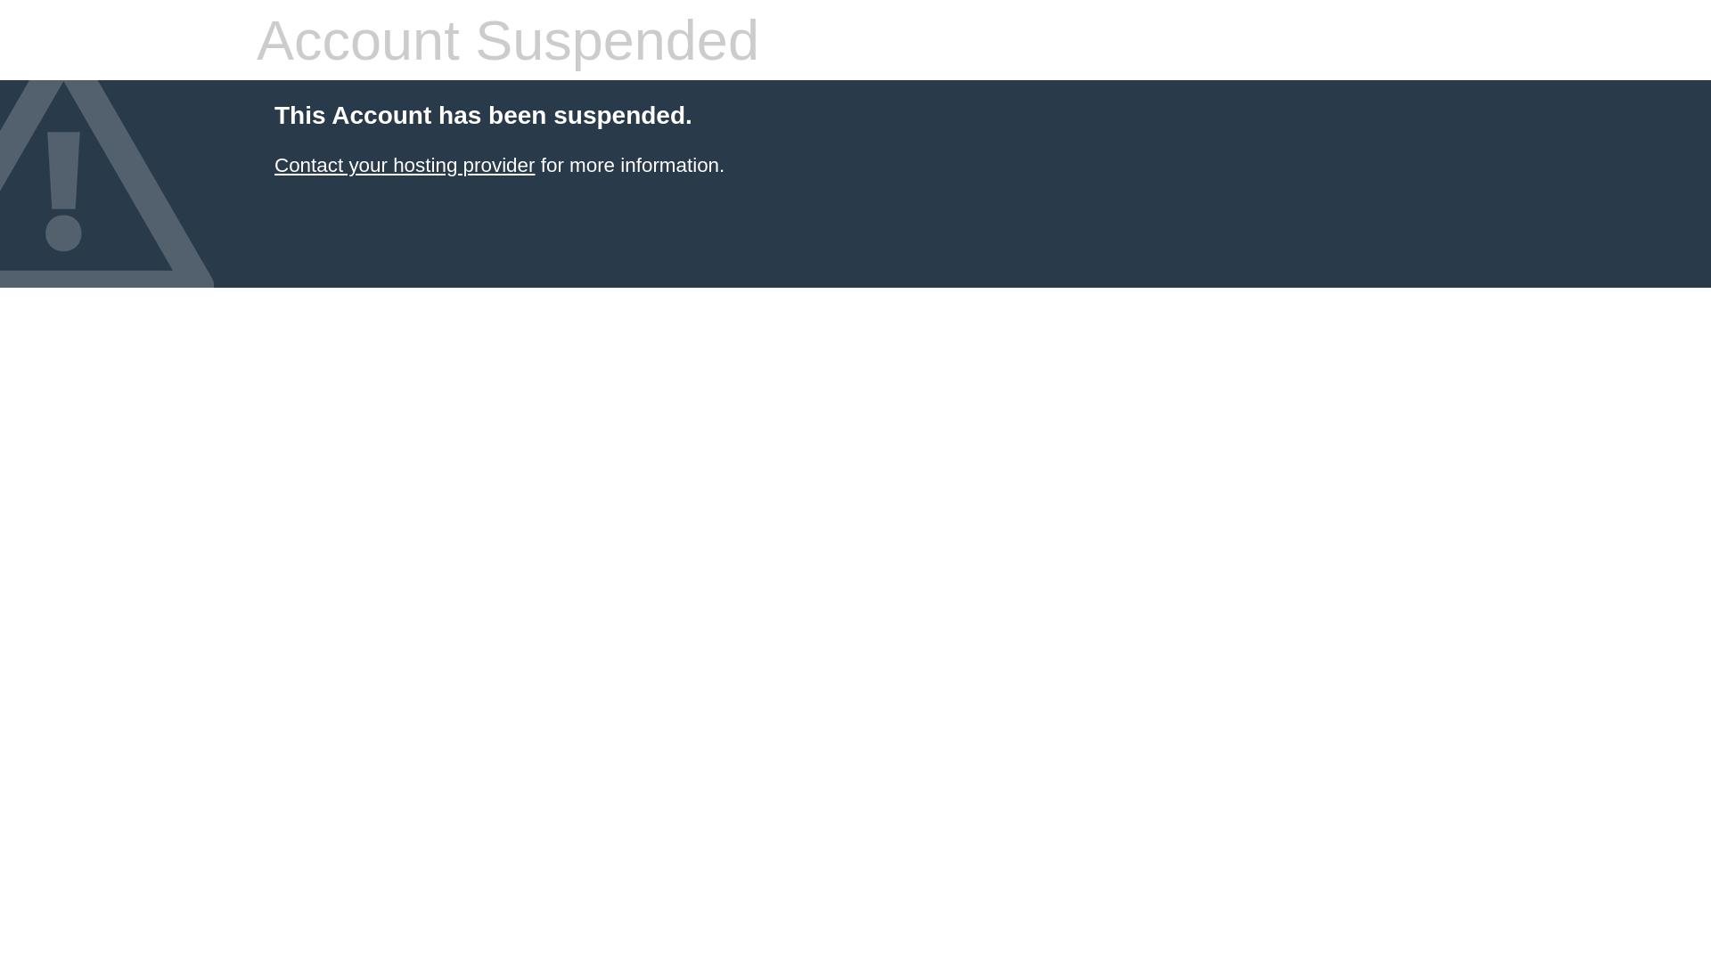 The image size is (1711, 962). Describe the element at coordinates (404, 165) in the screenshot. I see `'Contact your hosting provider'` at that location.